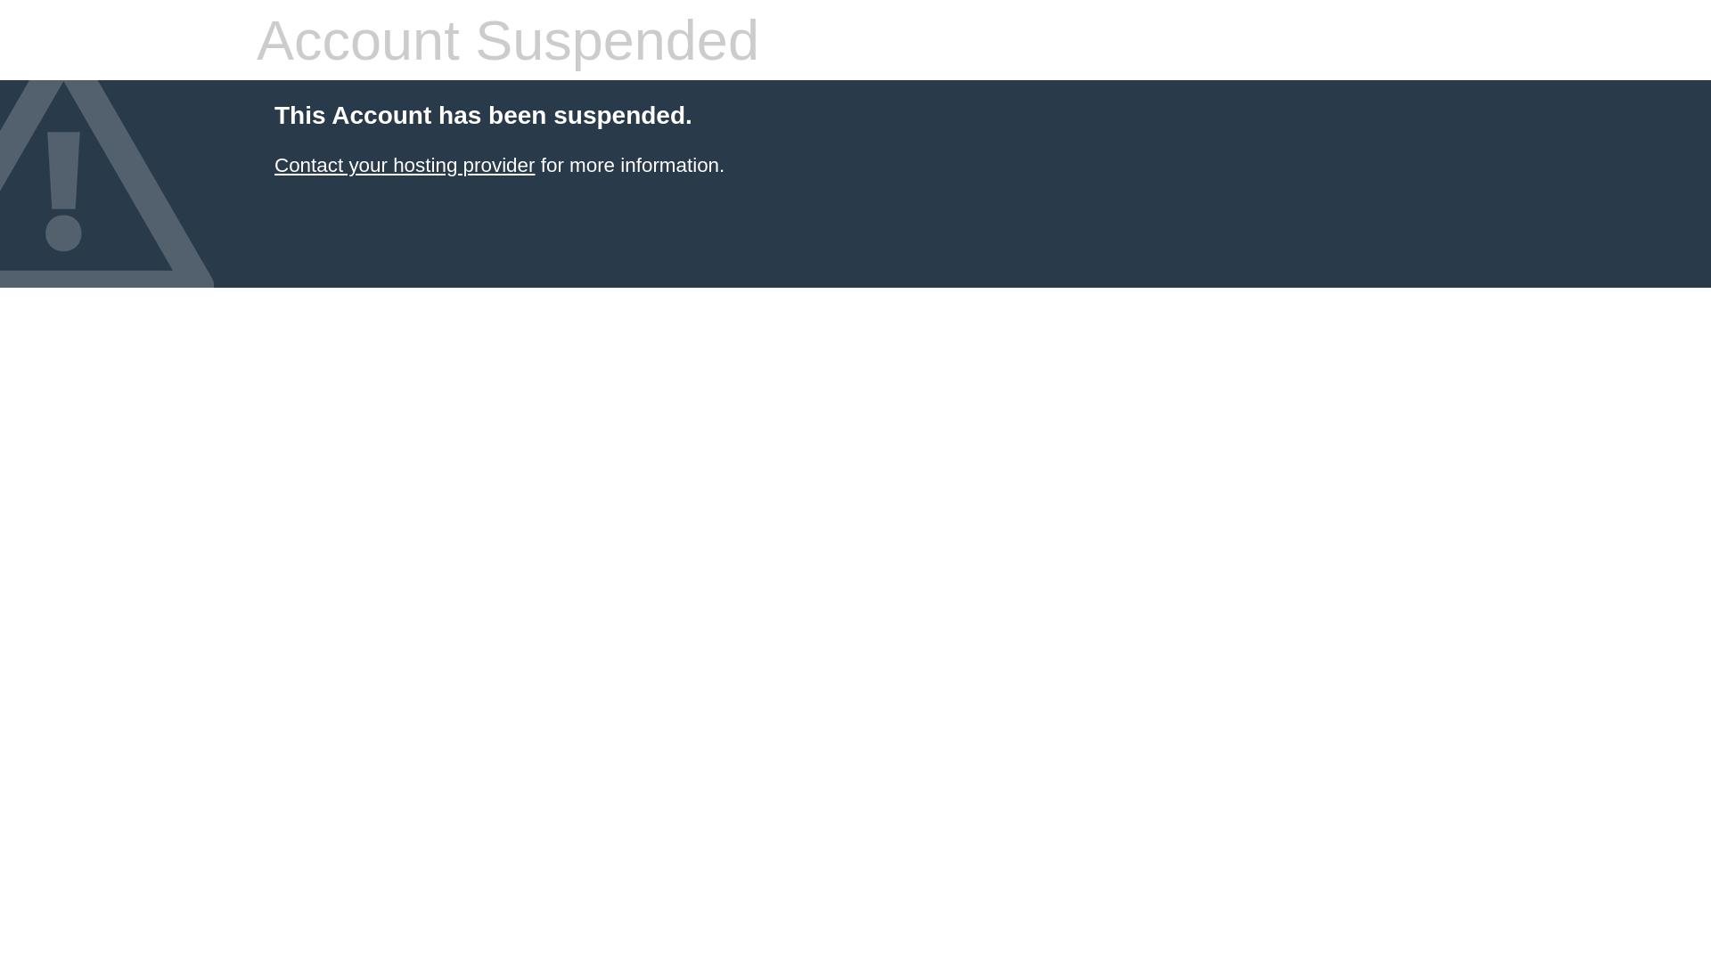 The image size is (1711, 962). Describe the element at coordinates (404, 165) in the screenshot. I see `'Contact your hosting provider'` at that location.